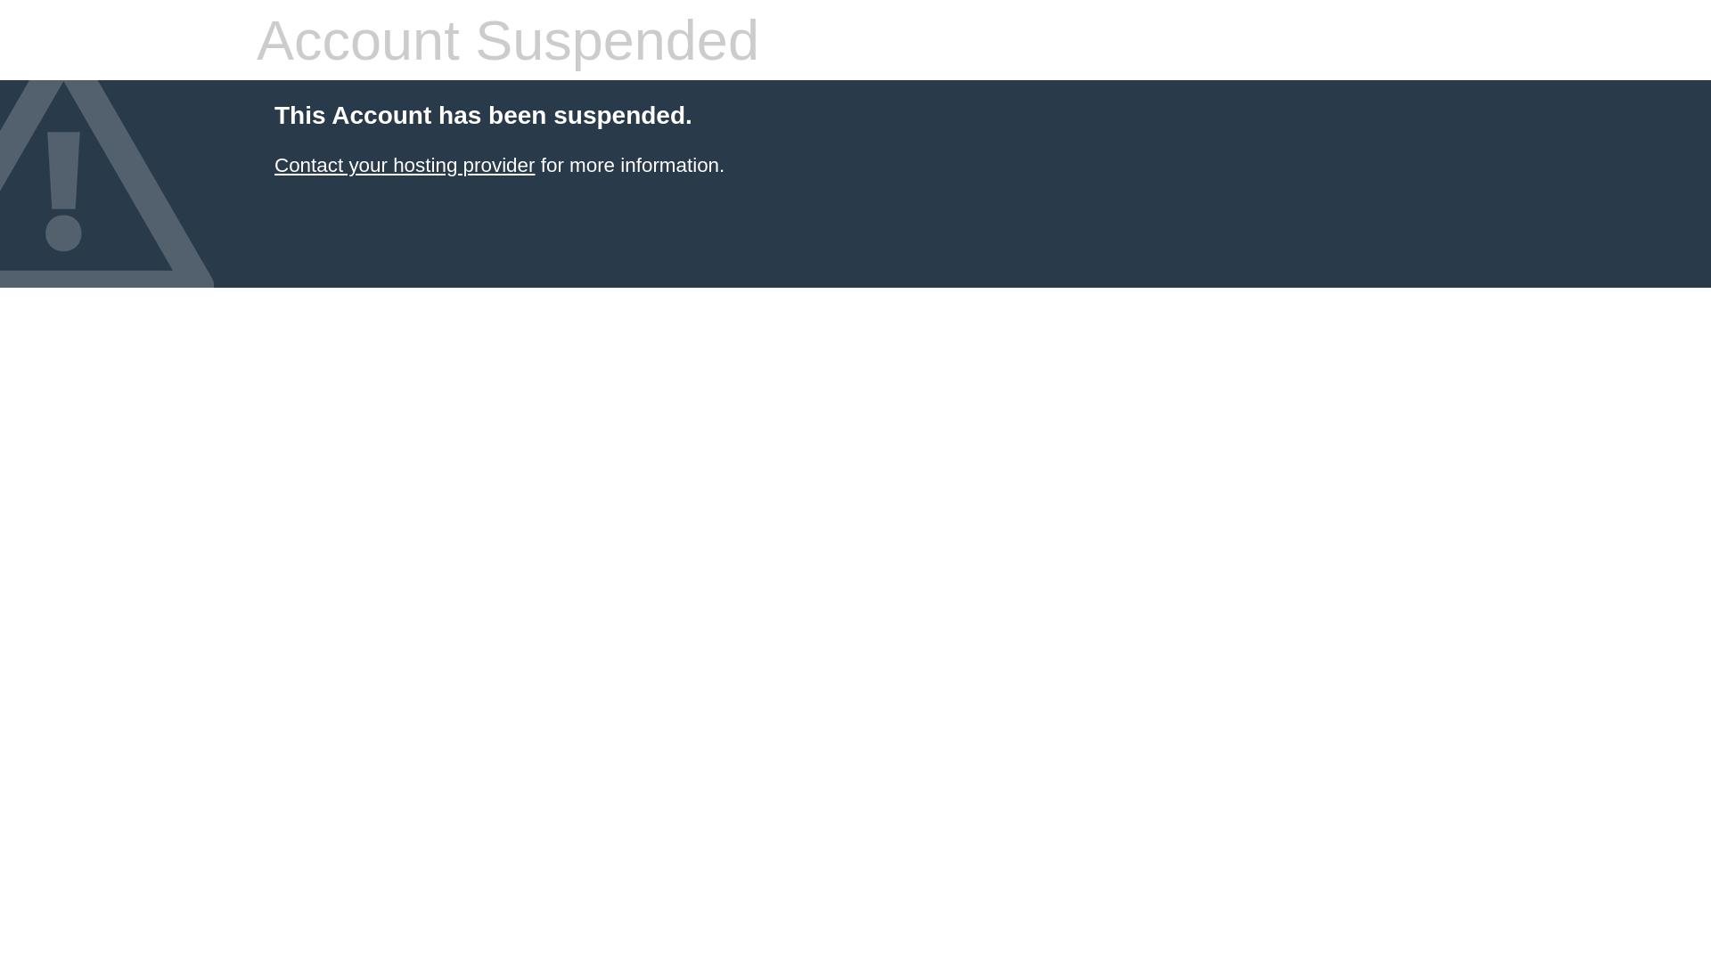 The image size is (1711, 962). Describe the element at coordinates (404, 165) in the screenshot. I see `'Contact your hosting provider'` at that location.